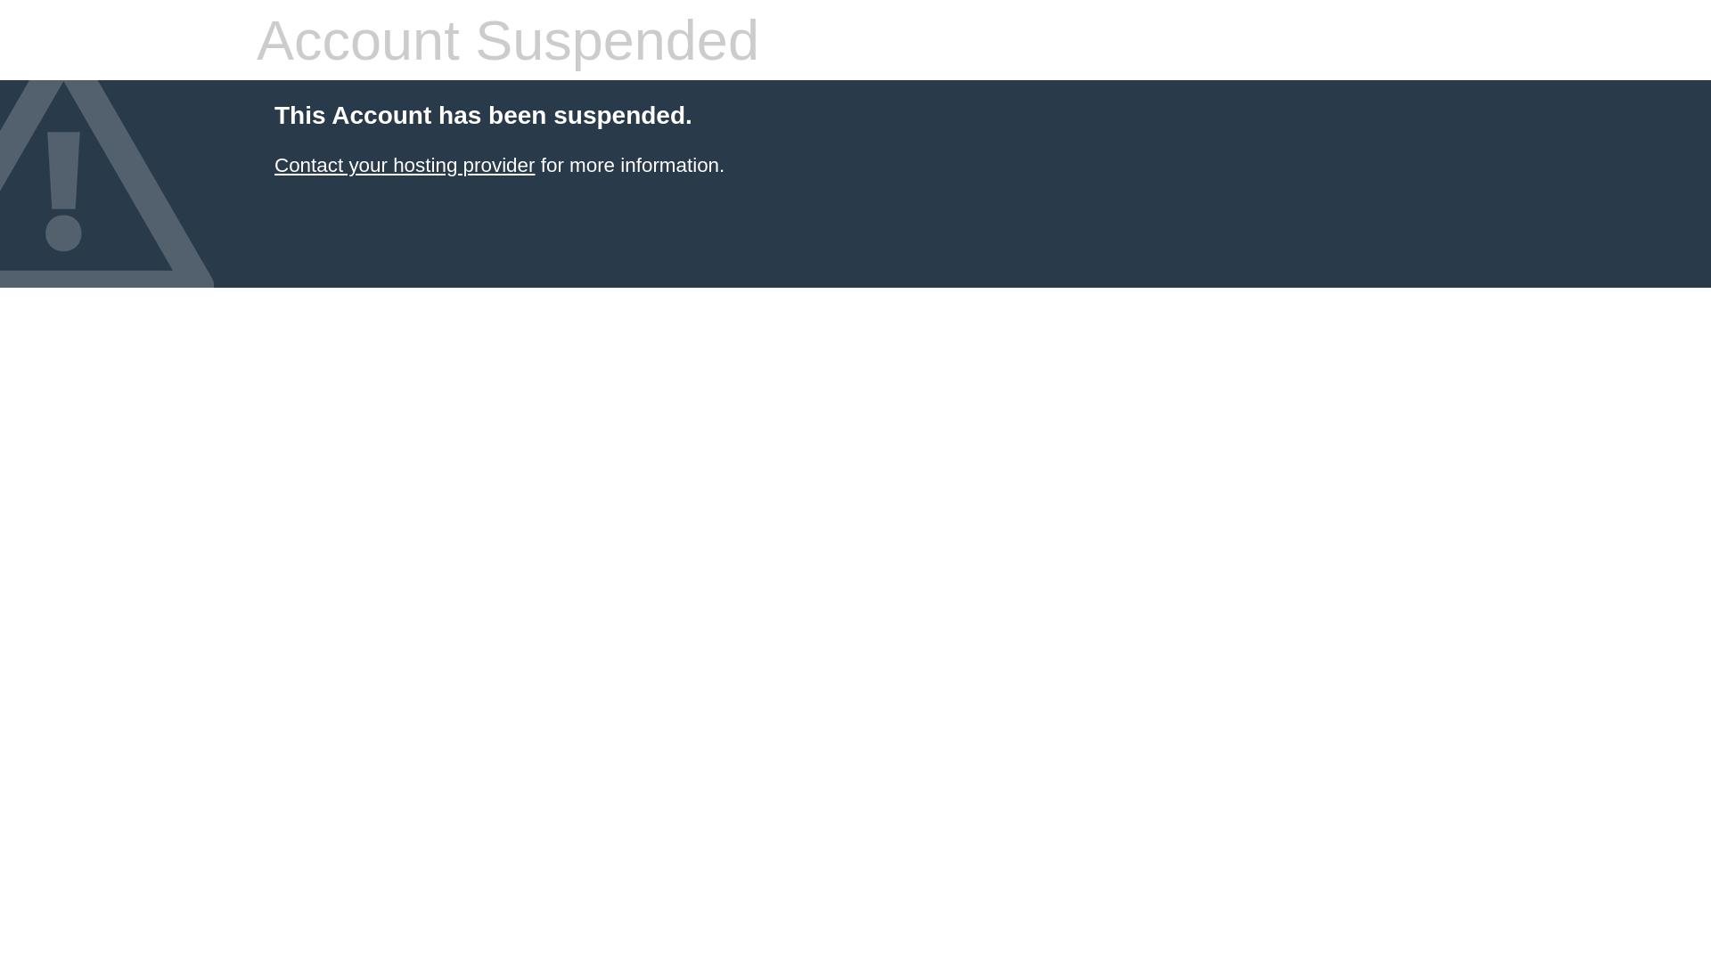 The image size is (1711, 962). Describe the element at coordinates (404, 165) in the screenshot. I see `'Contact your hosting provider'` at that location.